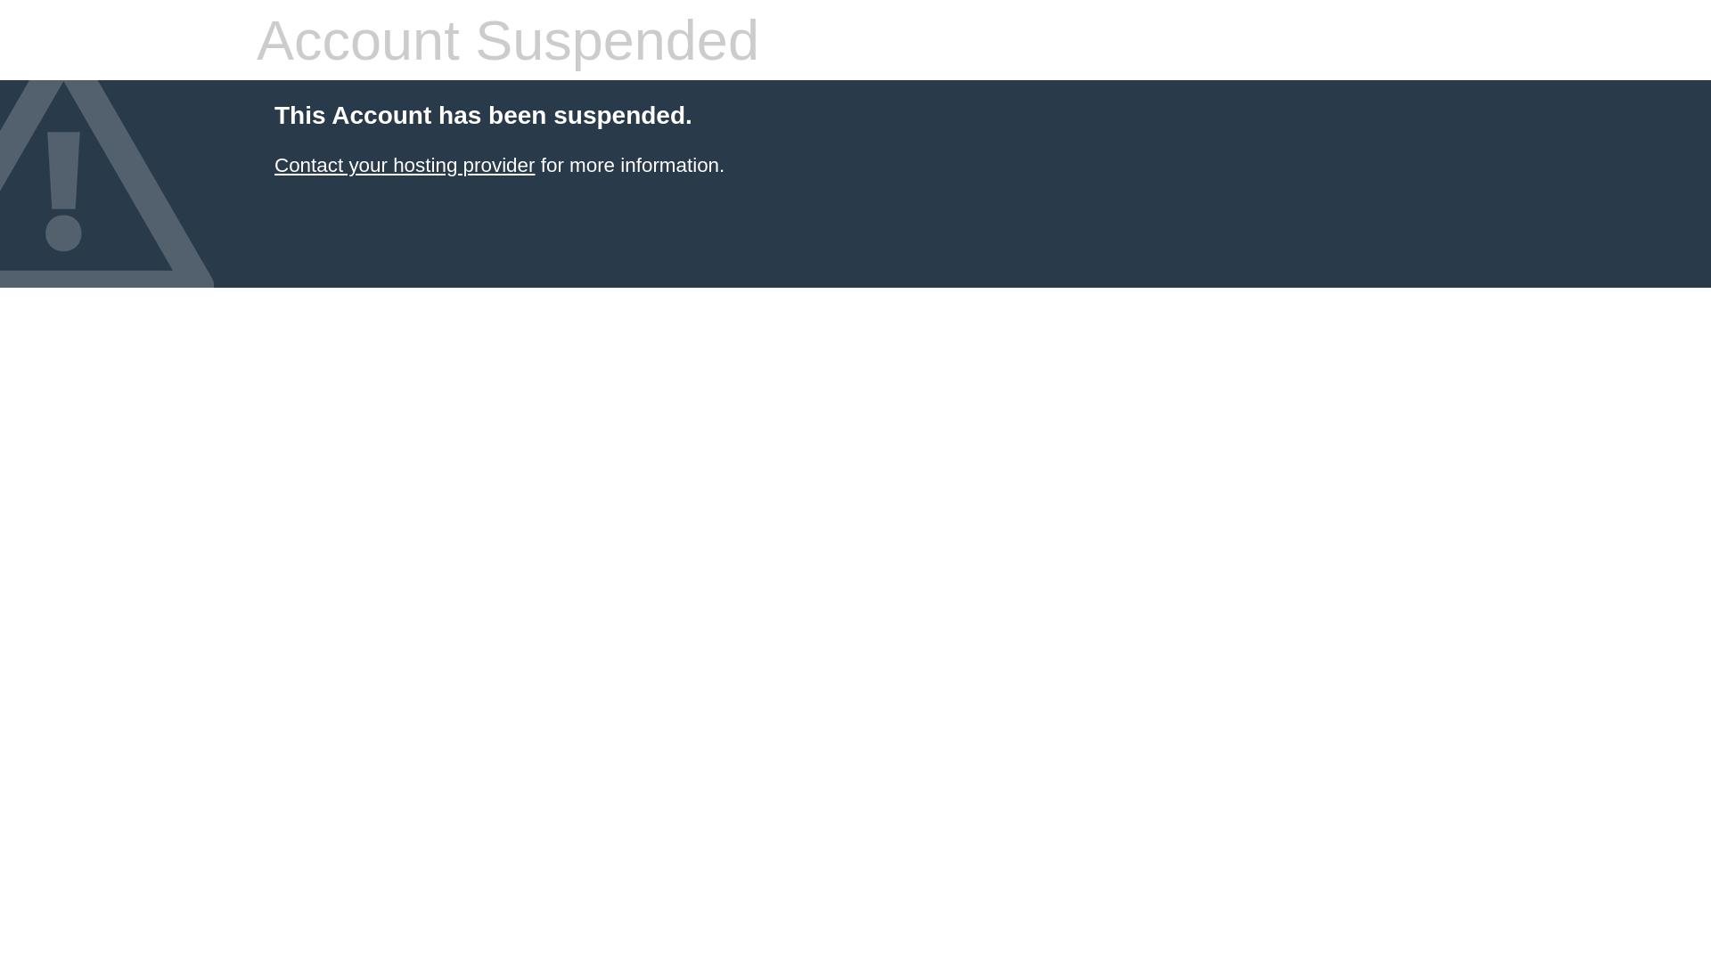 The image size is (1711, 962). Describe the element at coordinates (404, 165) in the screenshot. I see `'Contact your hosting provider'` at that location.